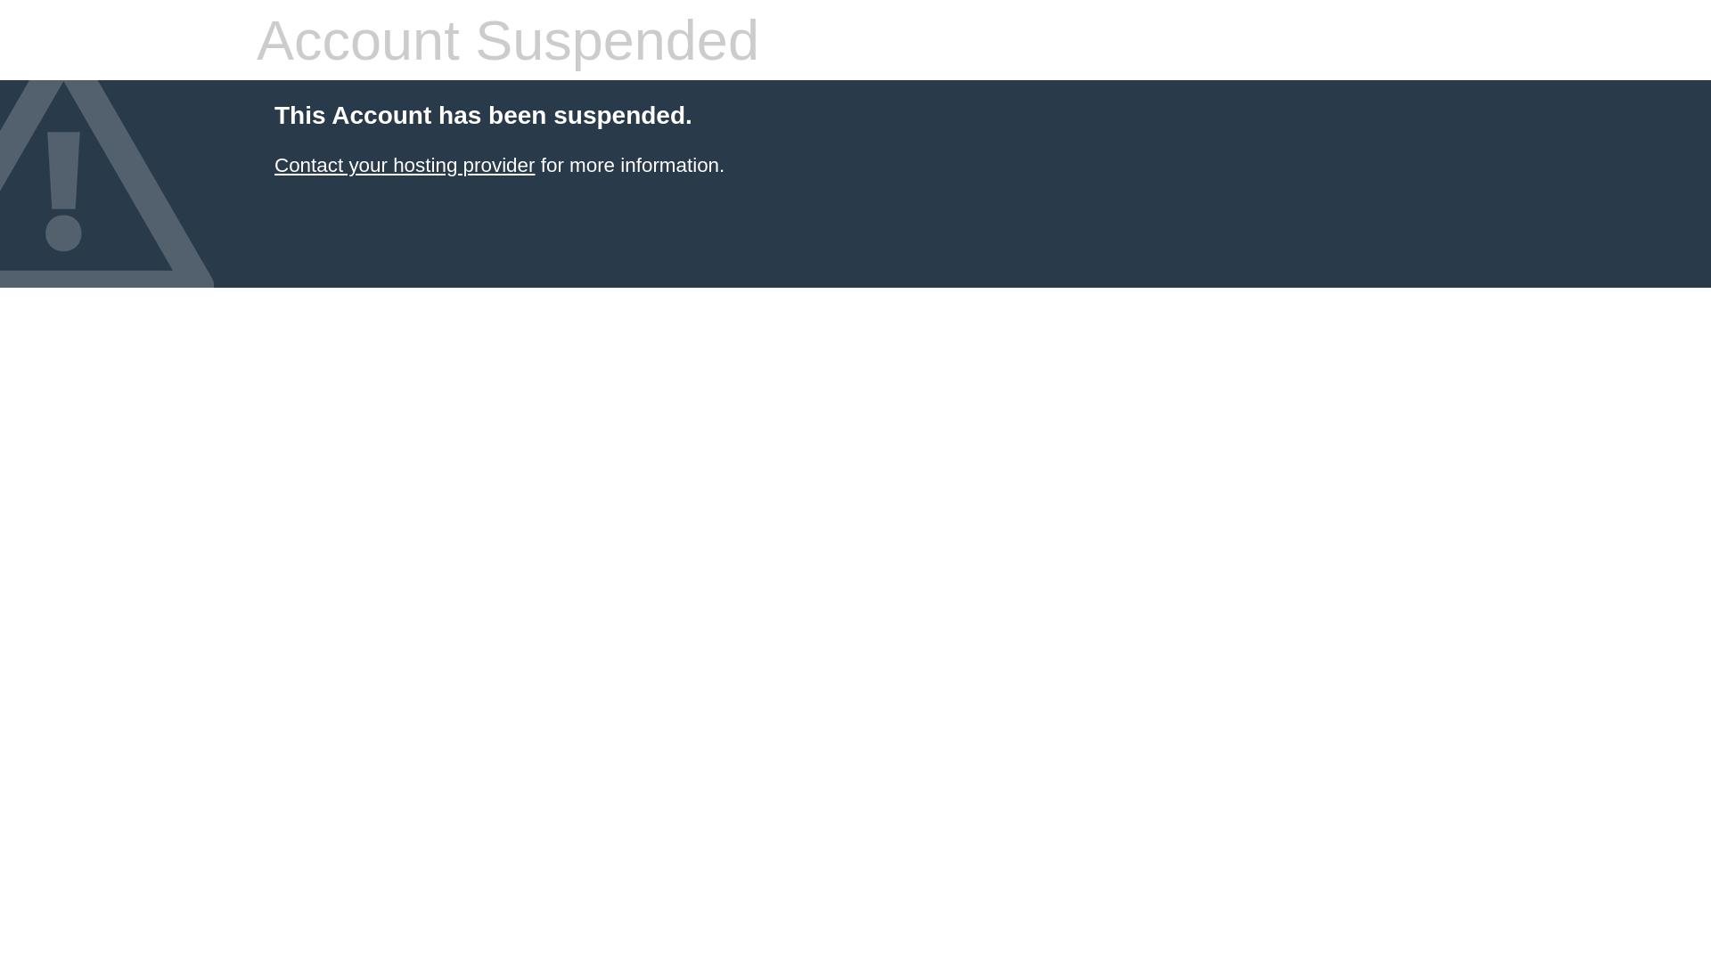 The image size is (1711, 962). Describe the element at coordinates (404, 165) in the screenshot. I see `'Contact your hosting provider'` at that location.